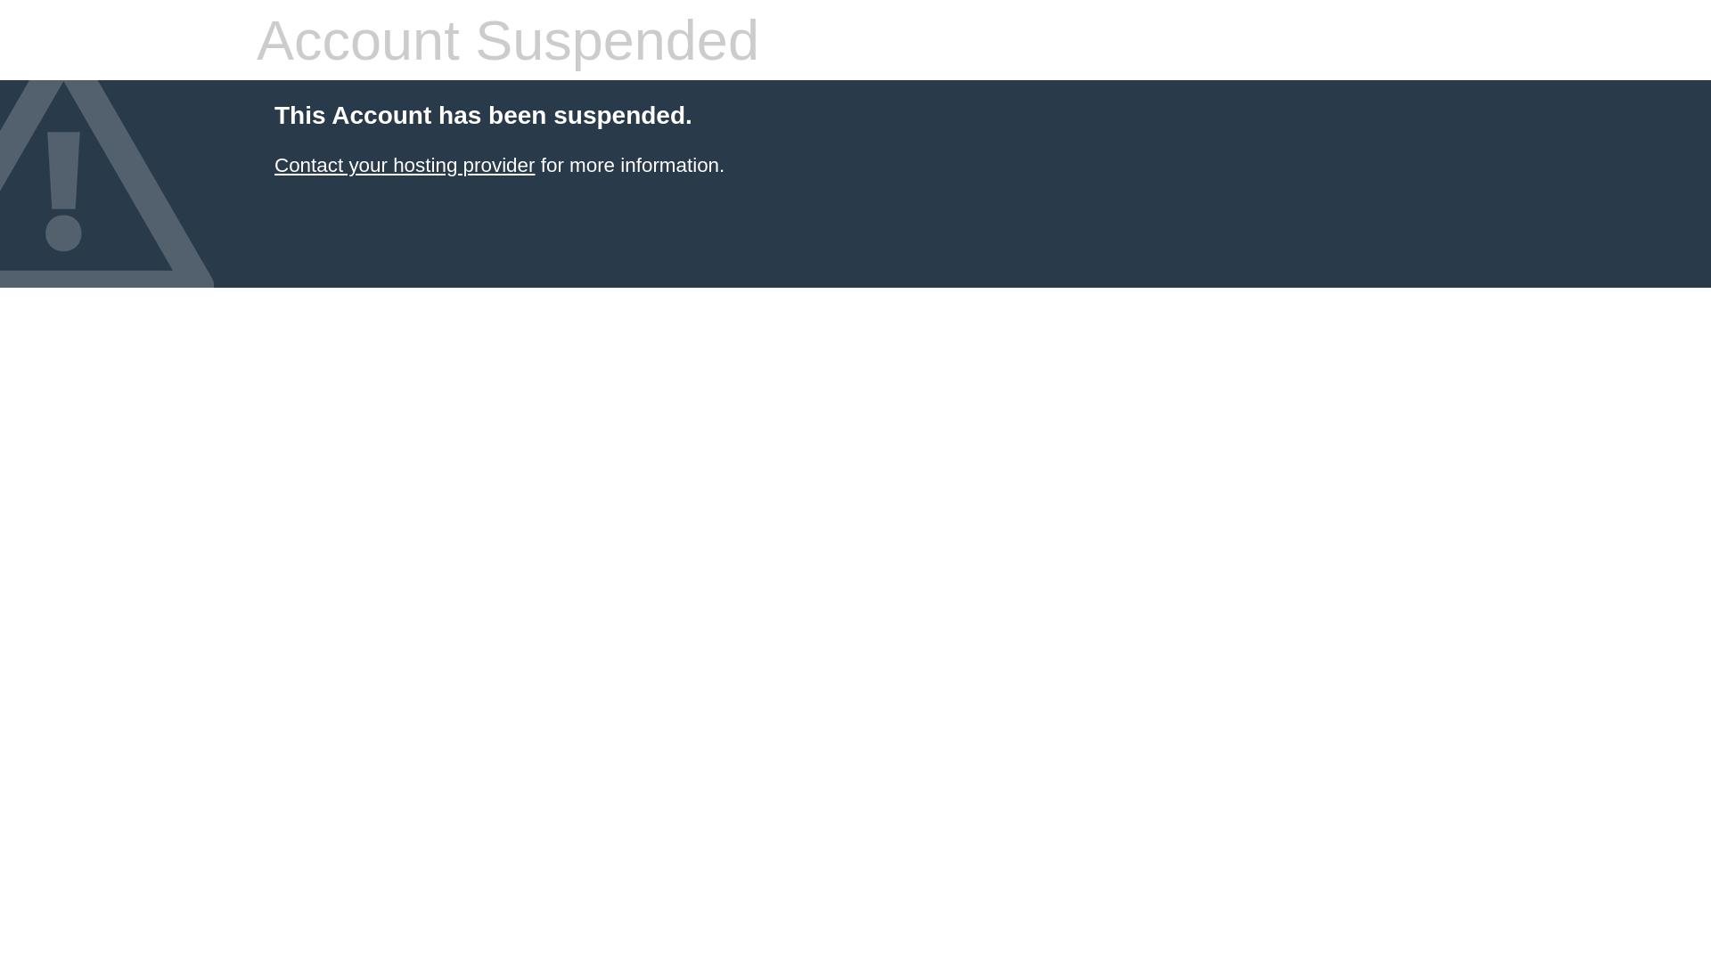 The image size is (1711, 962). Describe the element at coordinates (404, 165) in the screenshot. I see `'Contact your hosting provider'` at that location.